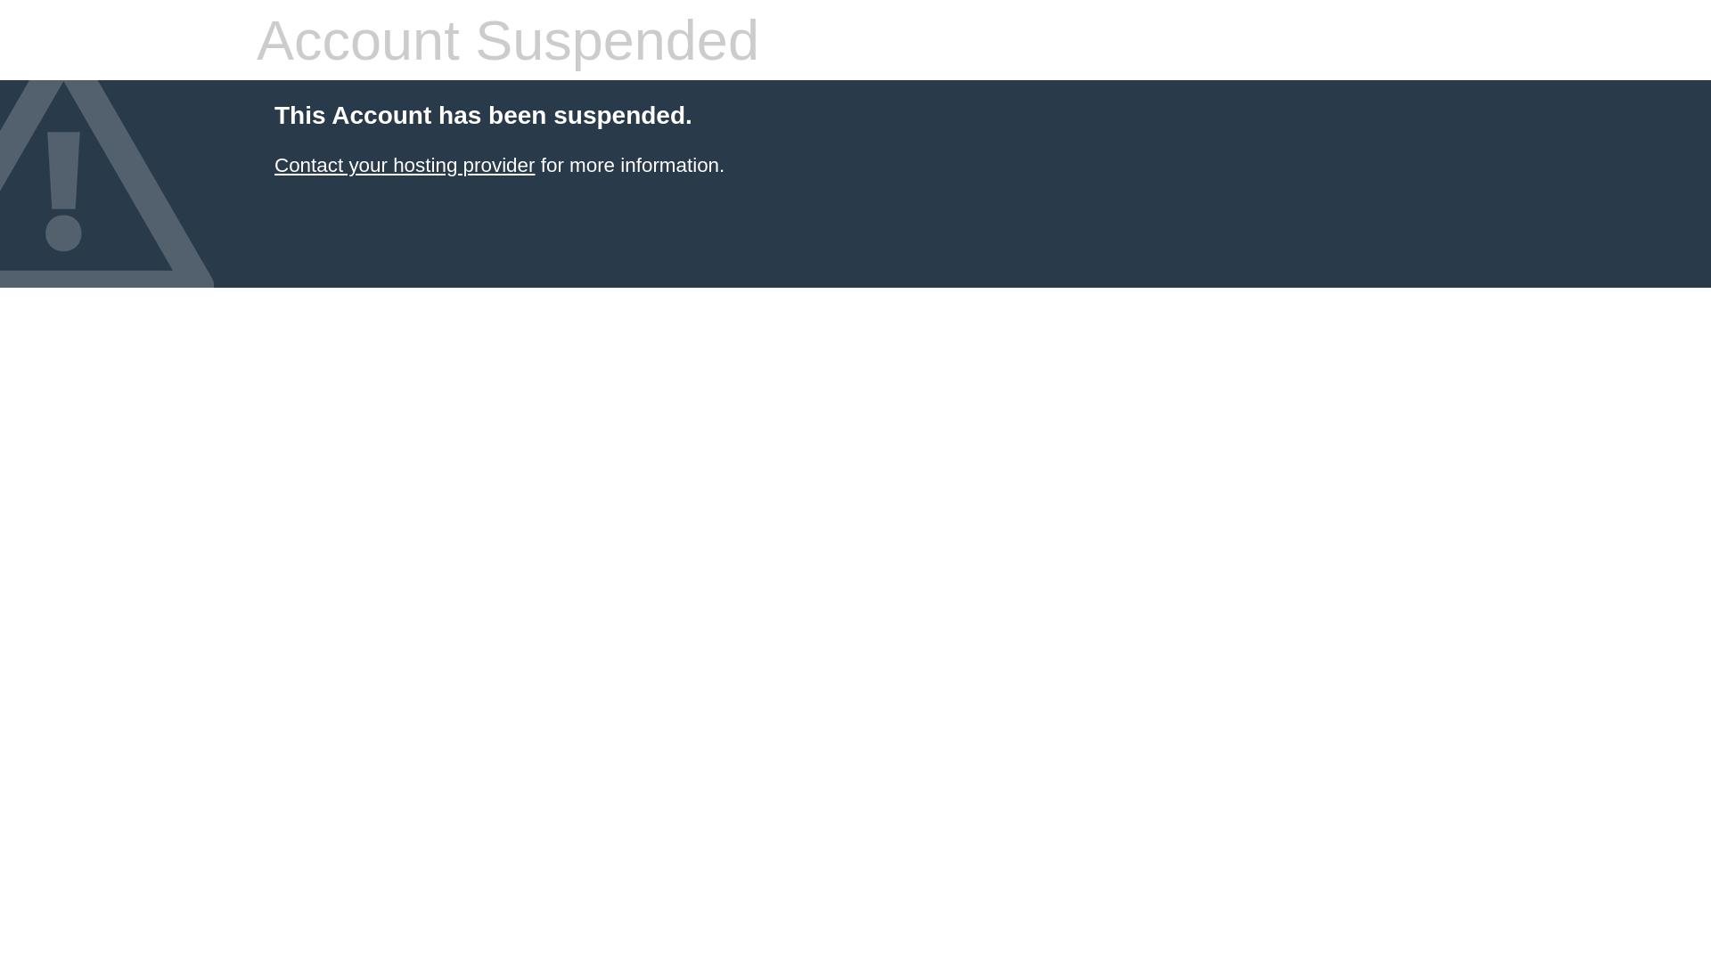 The image size is (1711, 962). Describe the element at coordinates (404, 165) in the screenshot. I see `'Contact your hosting provider'` at that location.